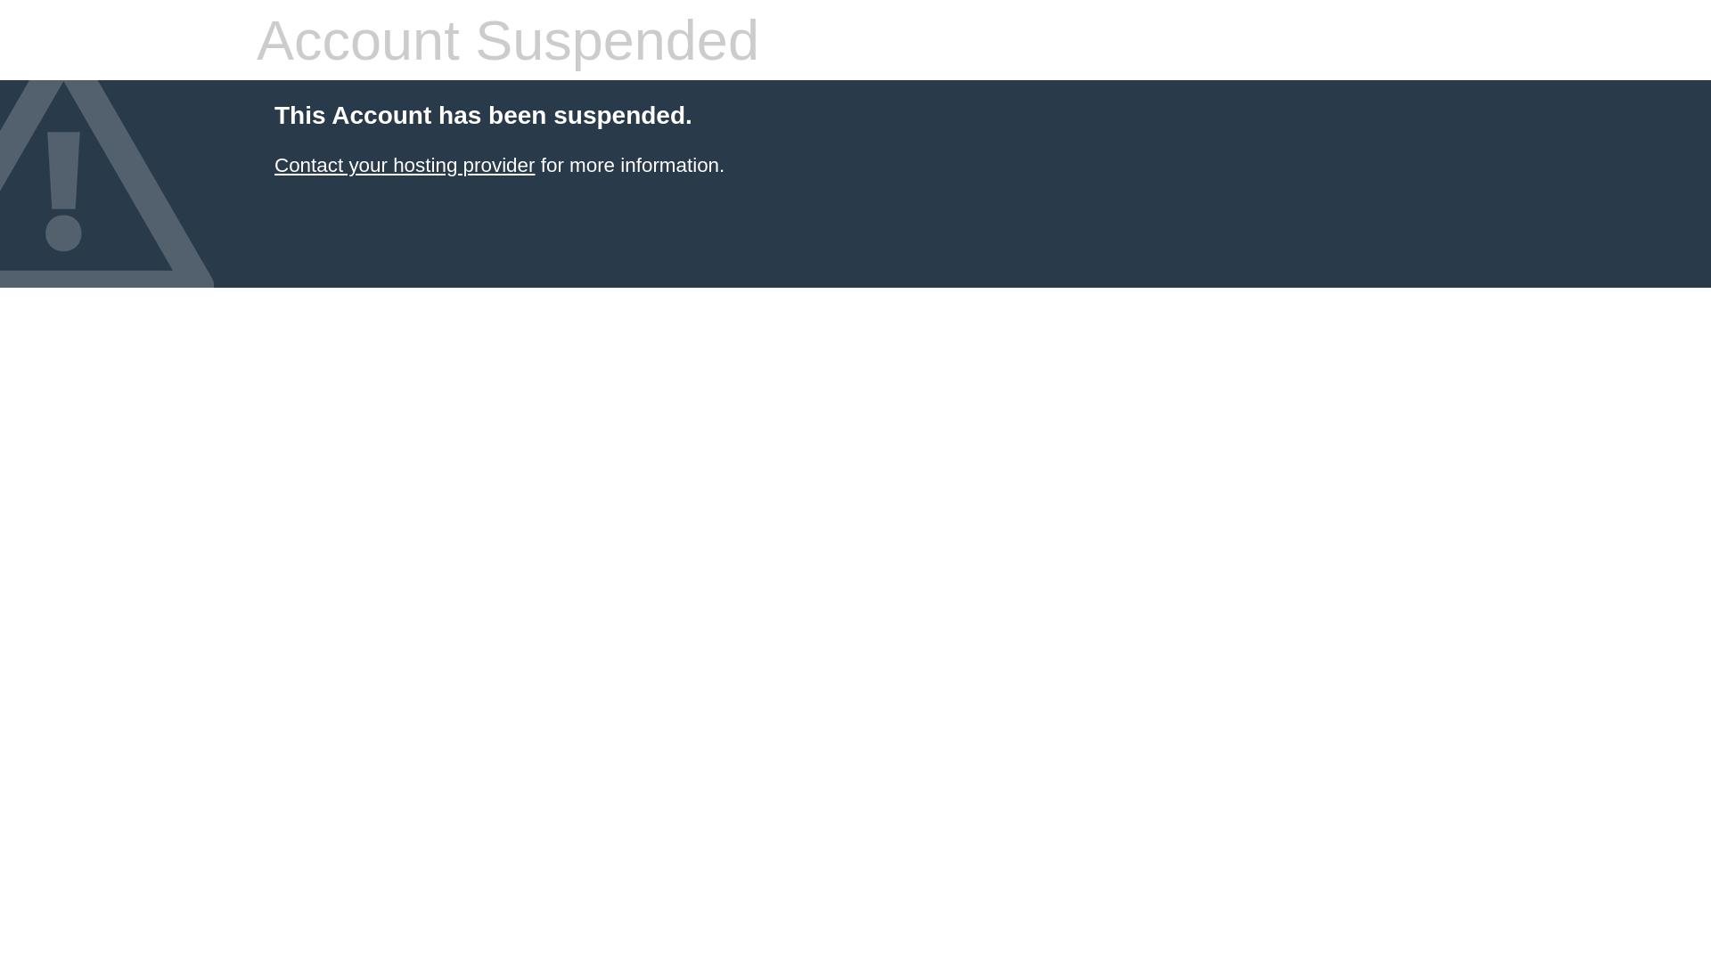 The image size is (1711, 962). Describe the element at coordinates (404, 165) in the screenshot. I see `'Contact your hosting provider'` at that location.